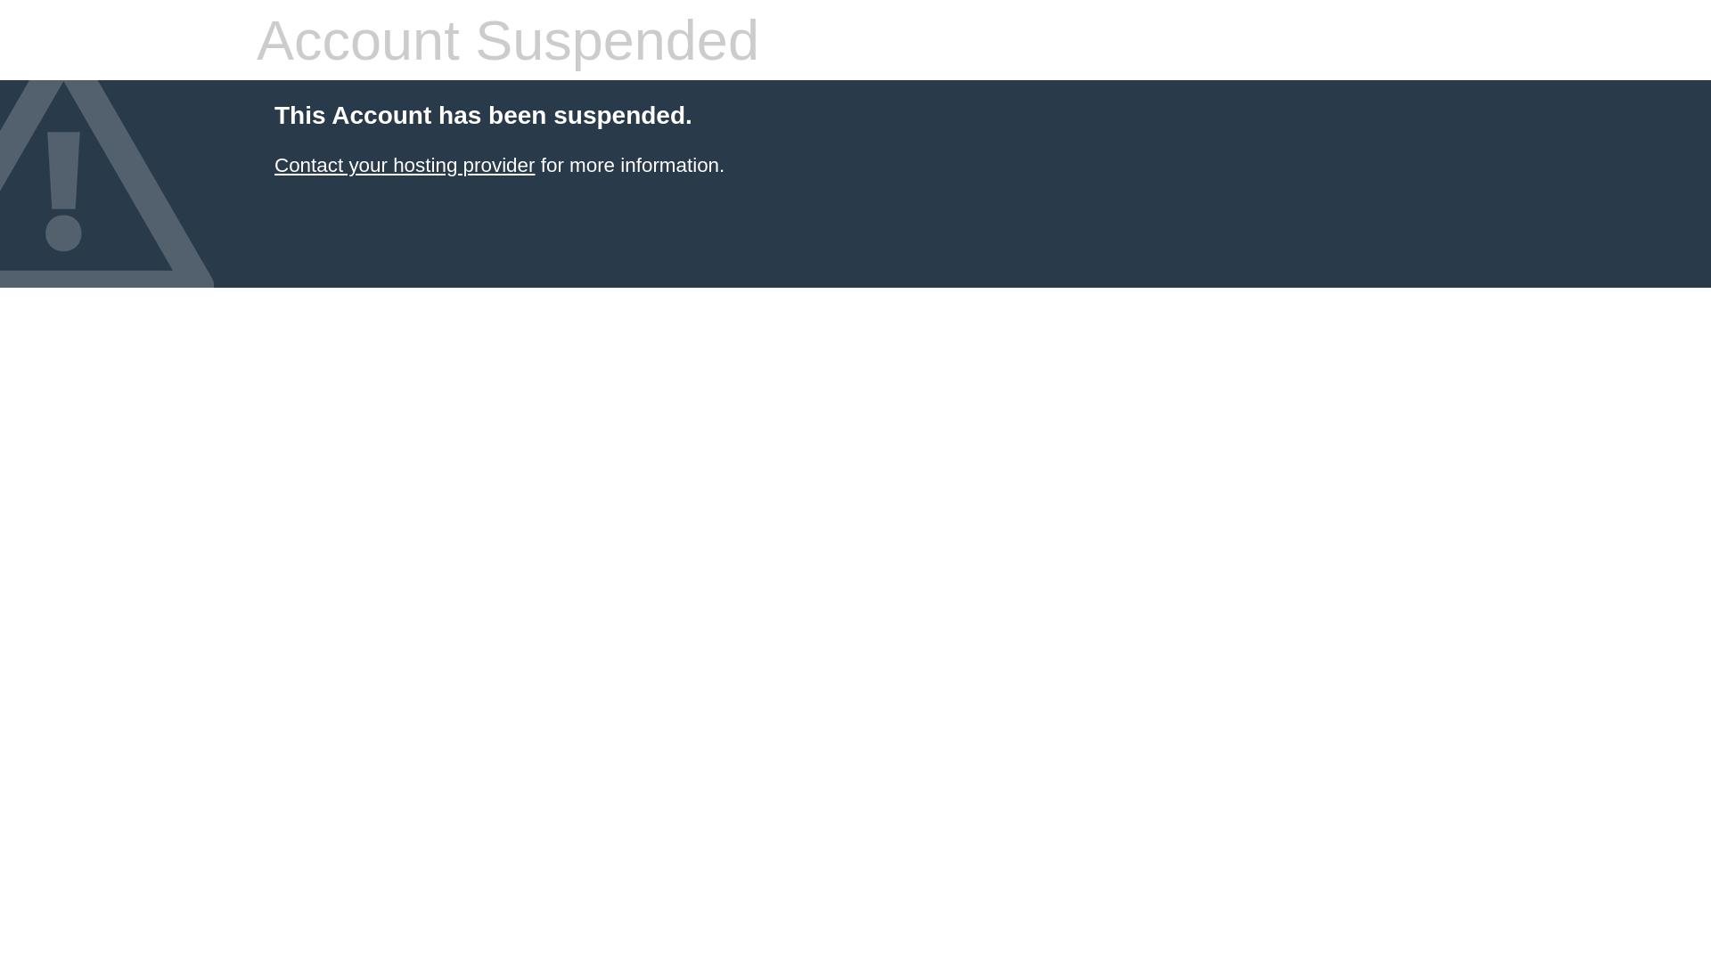 The image size is (1711, 962). Describe the element at coordinates (404, 165) in the screenshot. I see `'Contact your hosting provider'` at that location.